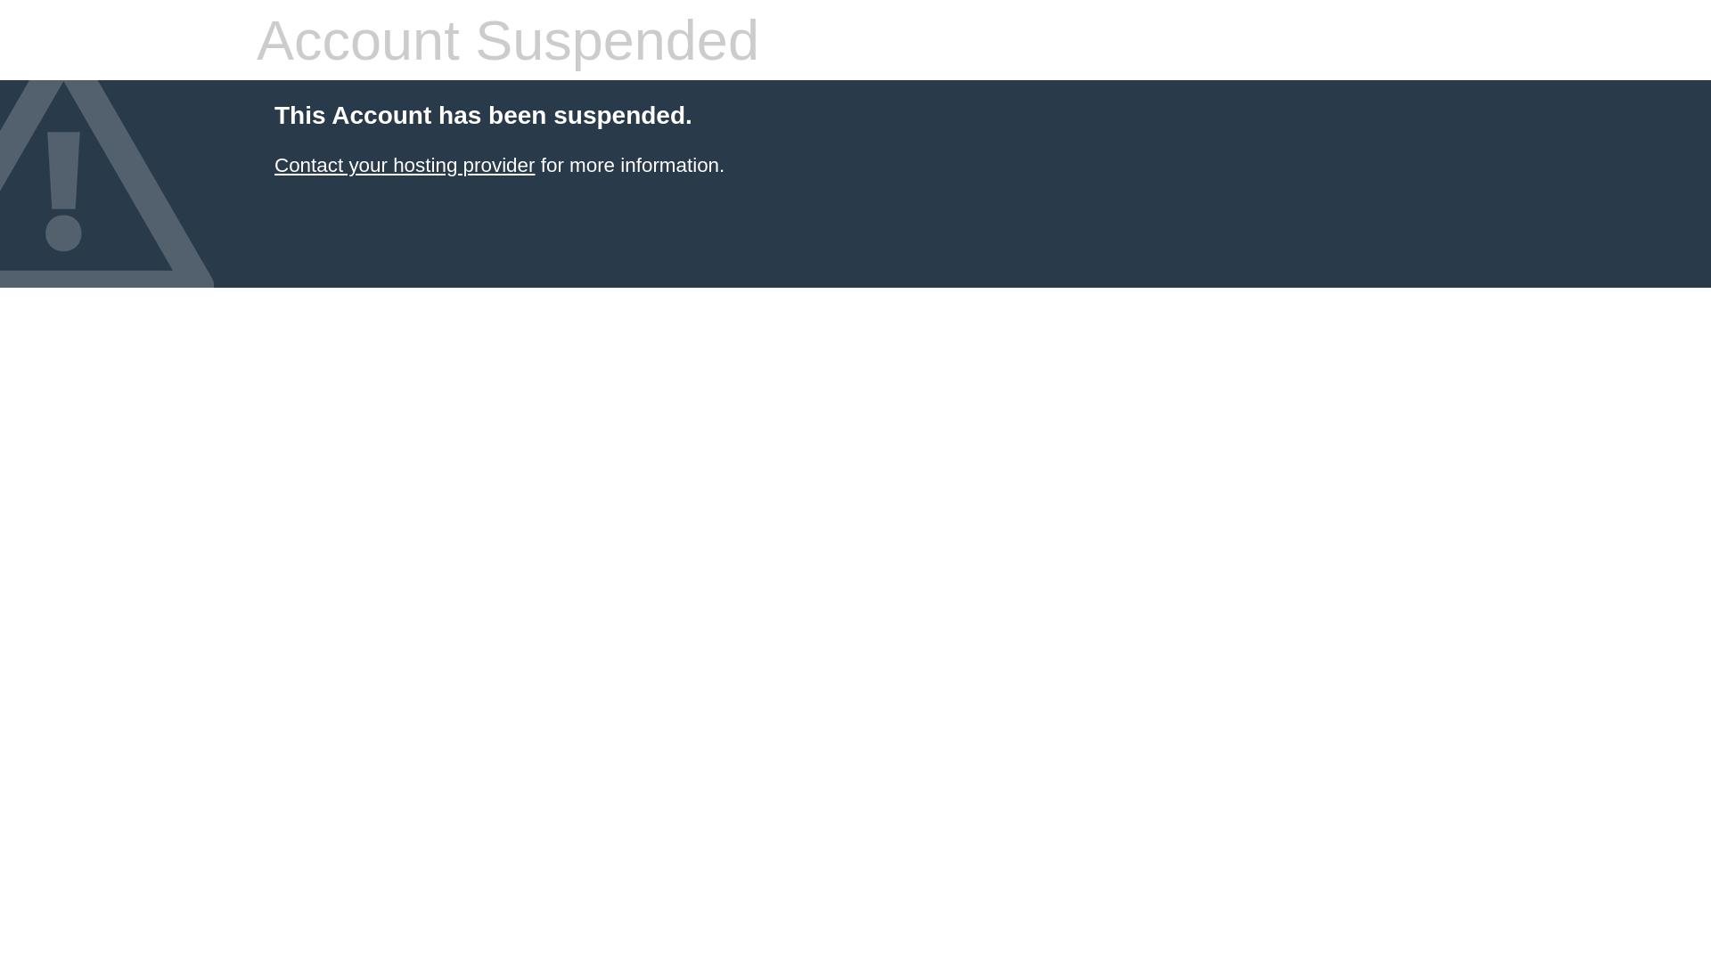 The image size is (1711, 962). Describe the element at coordinates (404, 165) in the screenshot. I see `'Contact your hosting provider'` at that location.